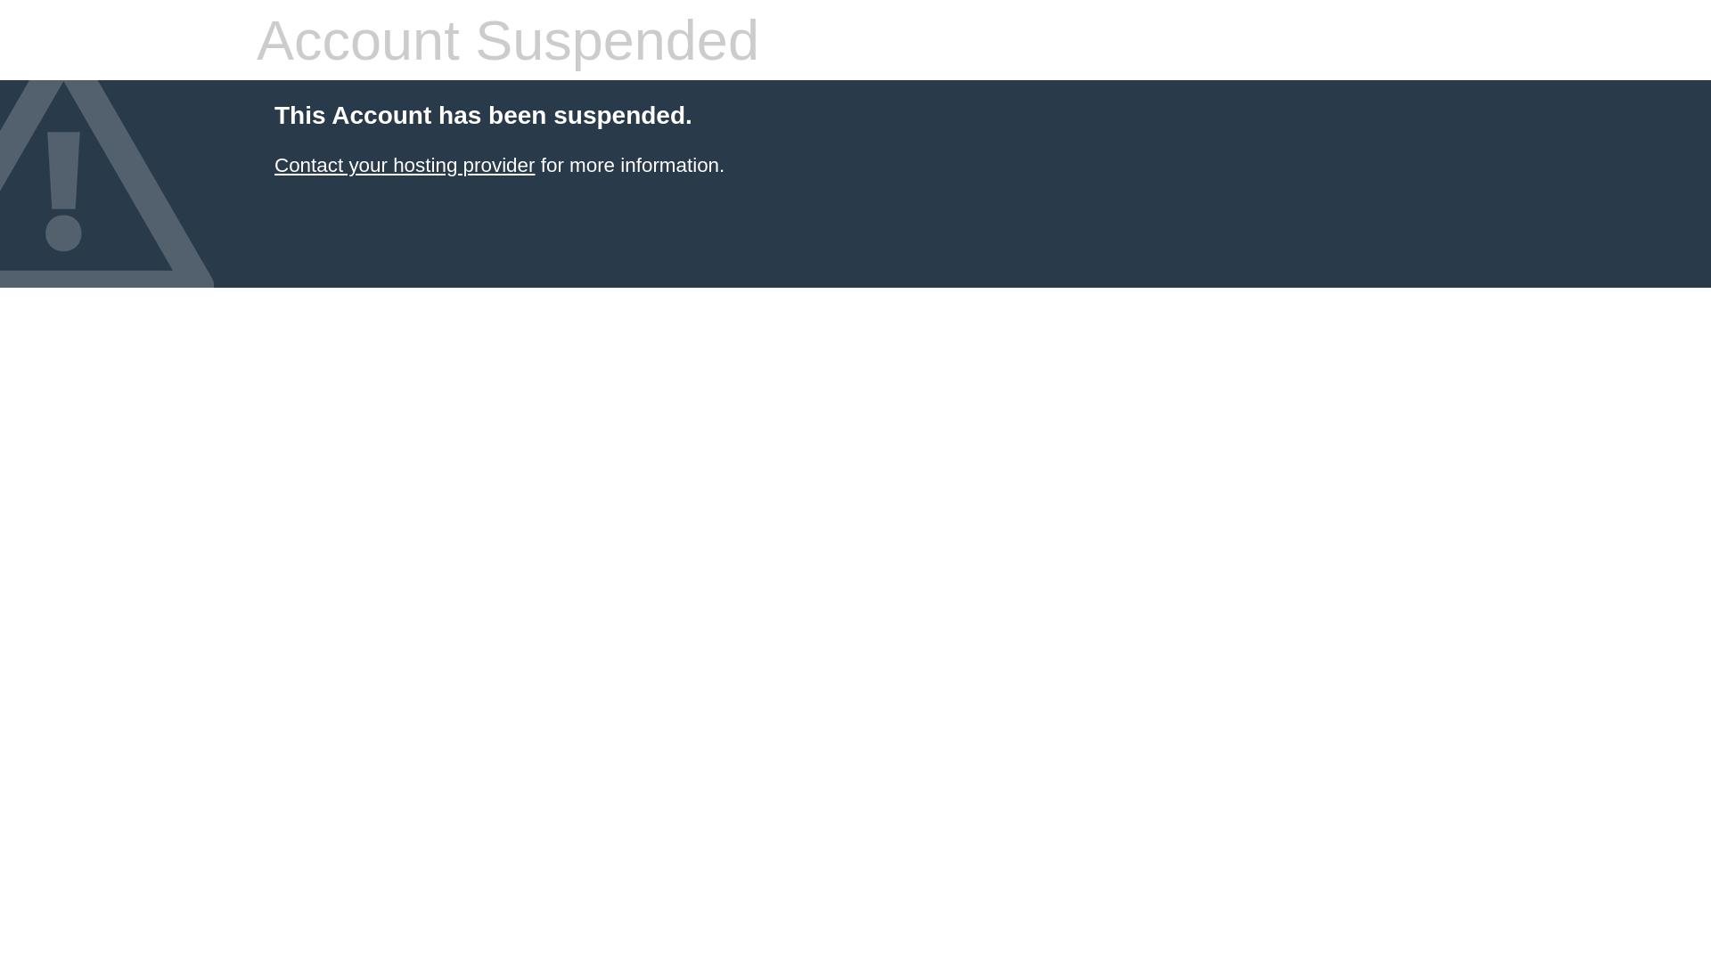 The image size is (1711, 962). Describe the element at coordinates (404, 165) in the screenshot. I see `'Contact your hosting provider'` at that location.